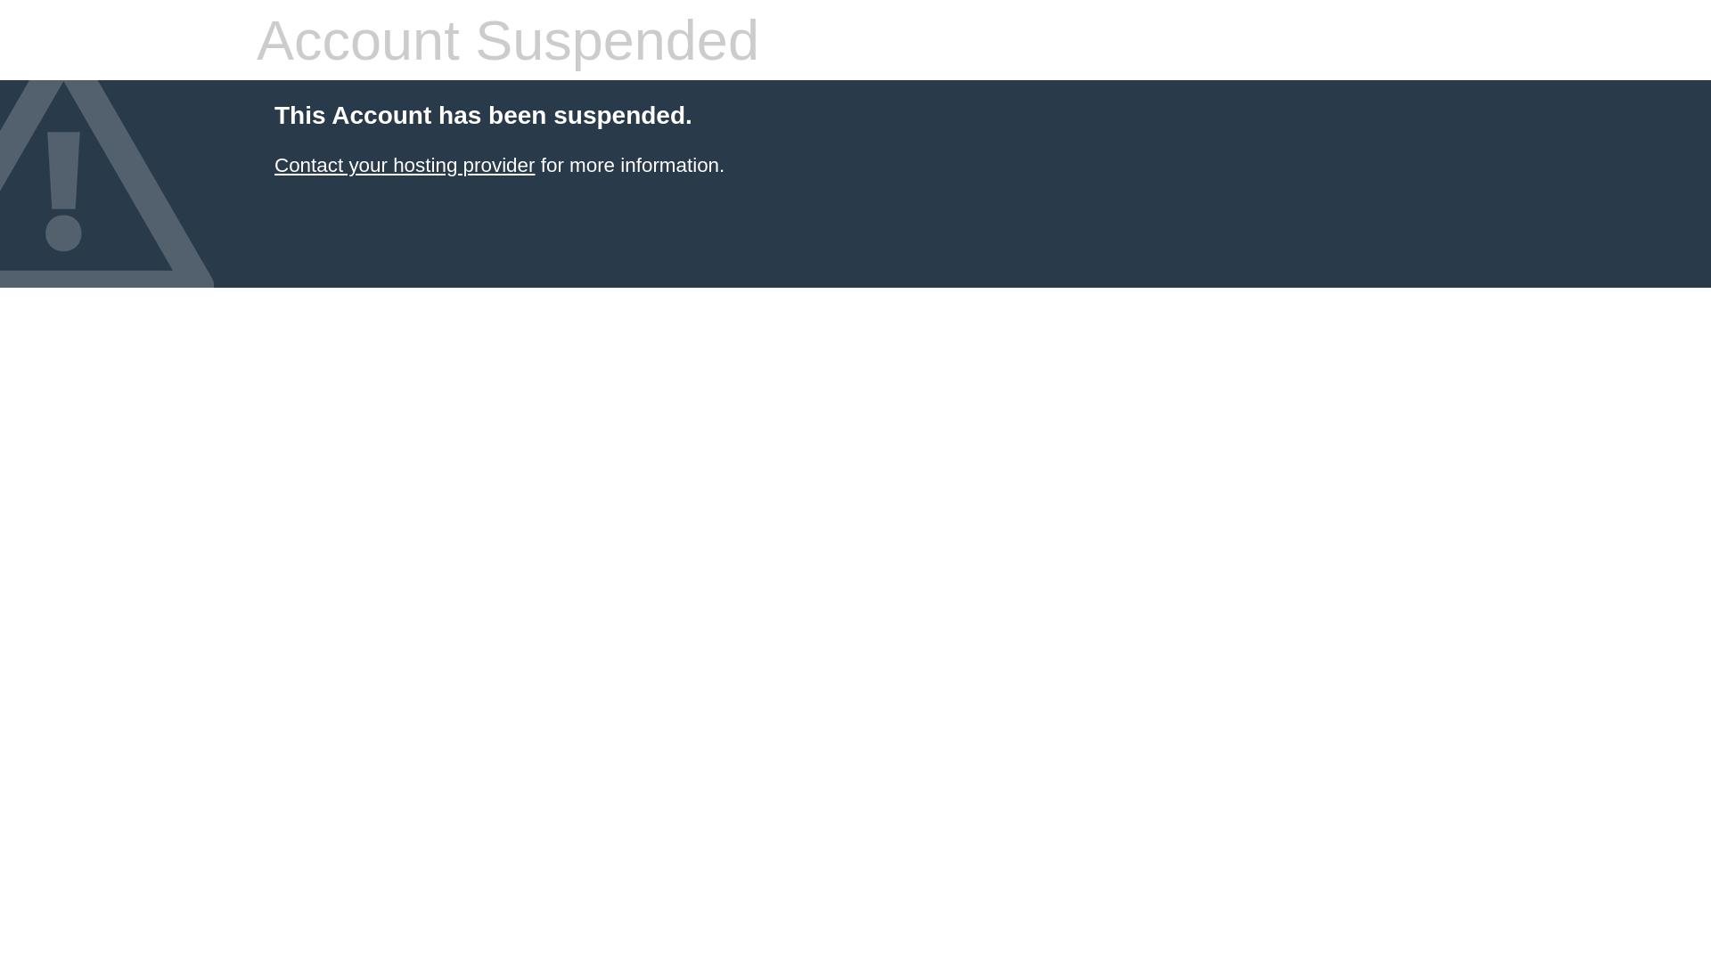 The image size is (1711, 962). Describe the element at coordinates (404, 165) in the screenshot. I see `'Contact your hosting provider'` at that location.